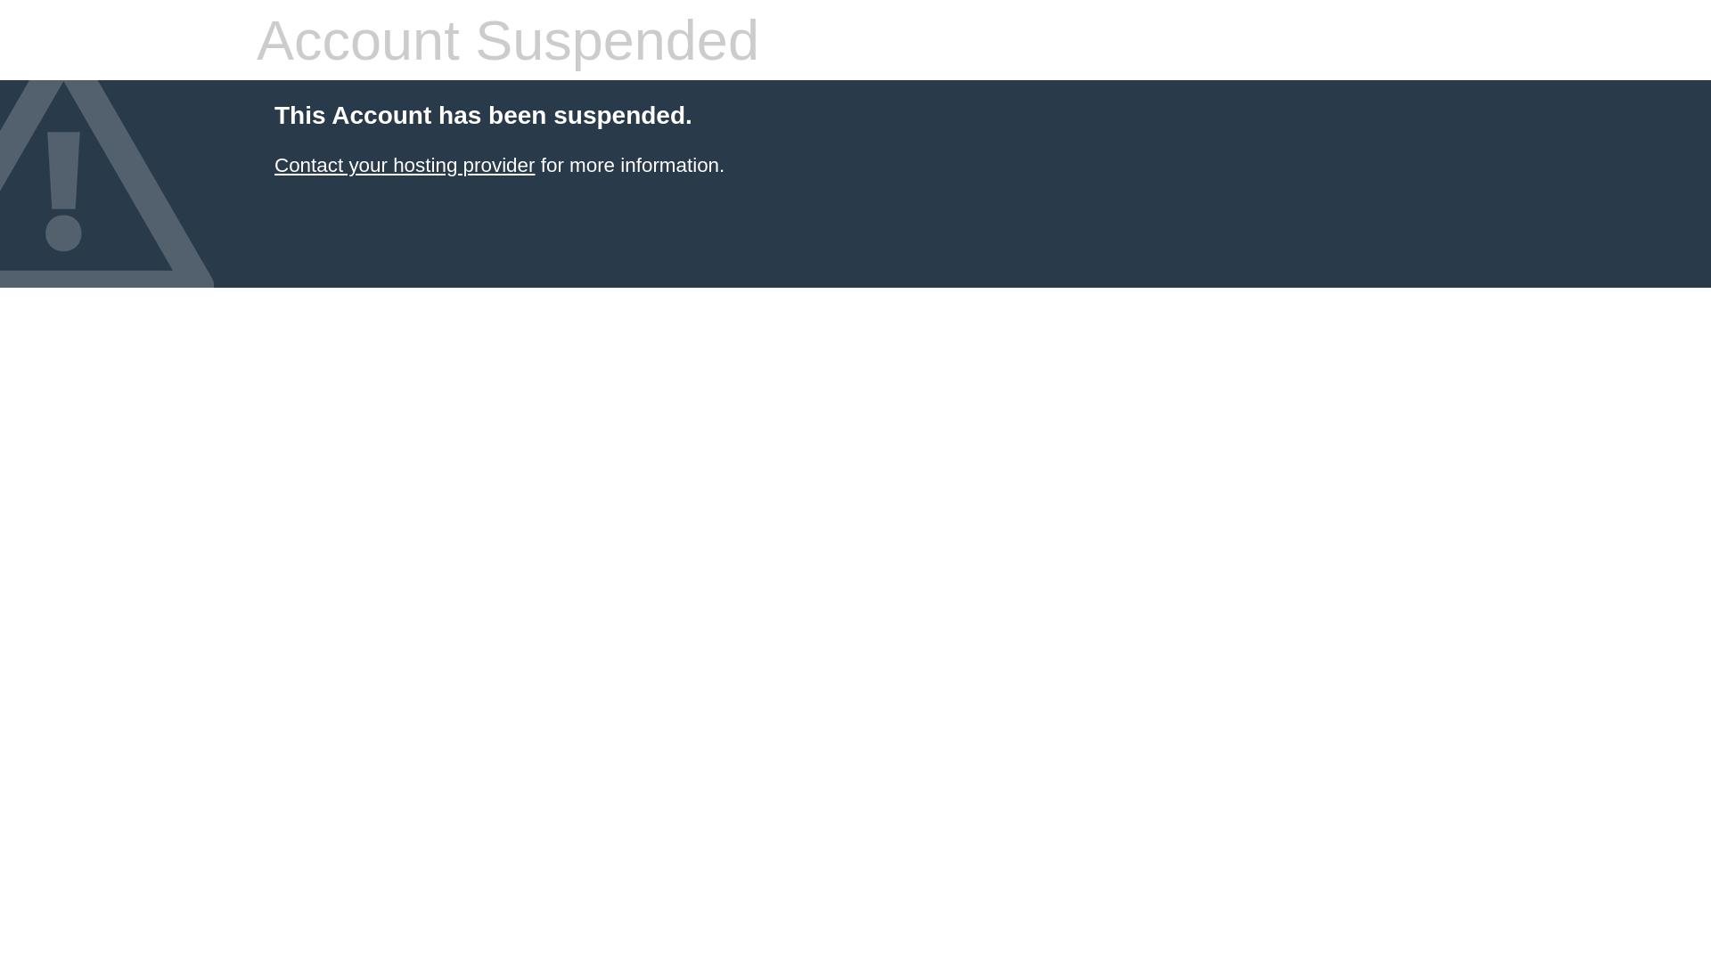 The image size is (1711, 962). Describe the element at coordinates (404, 165) in the screenshot. I see `'Contact your hosting provider'` at that location.